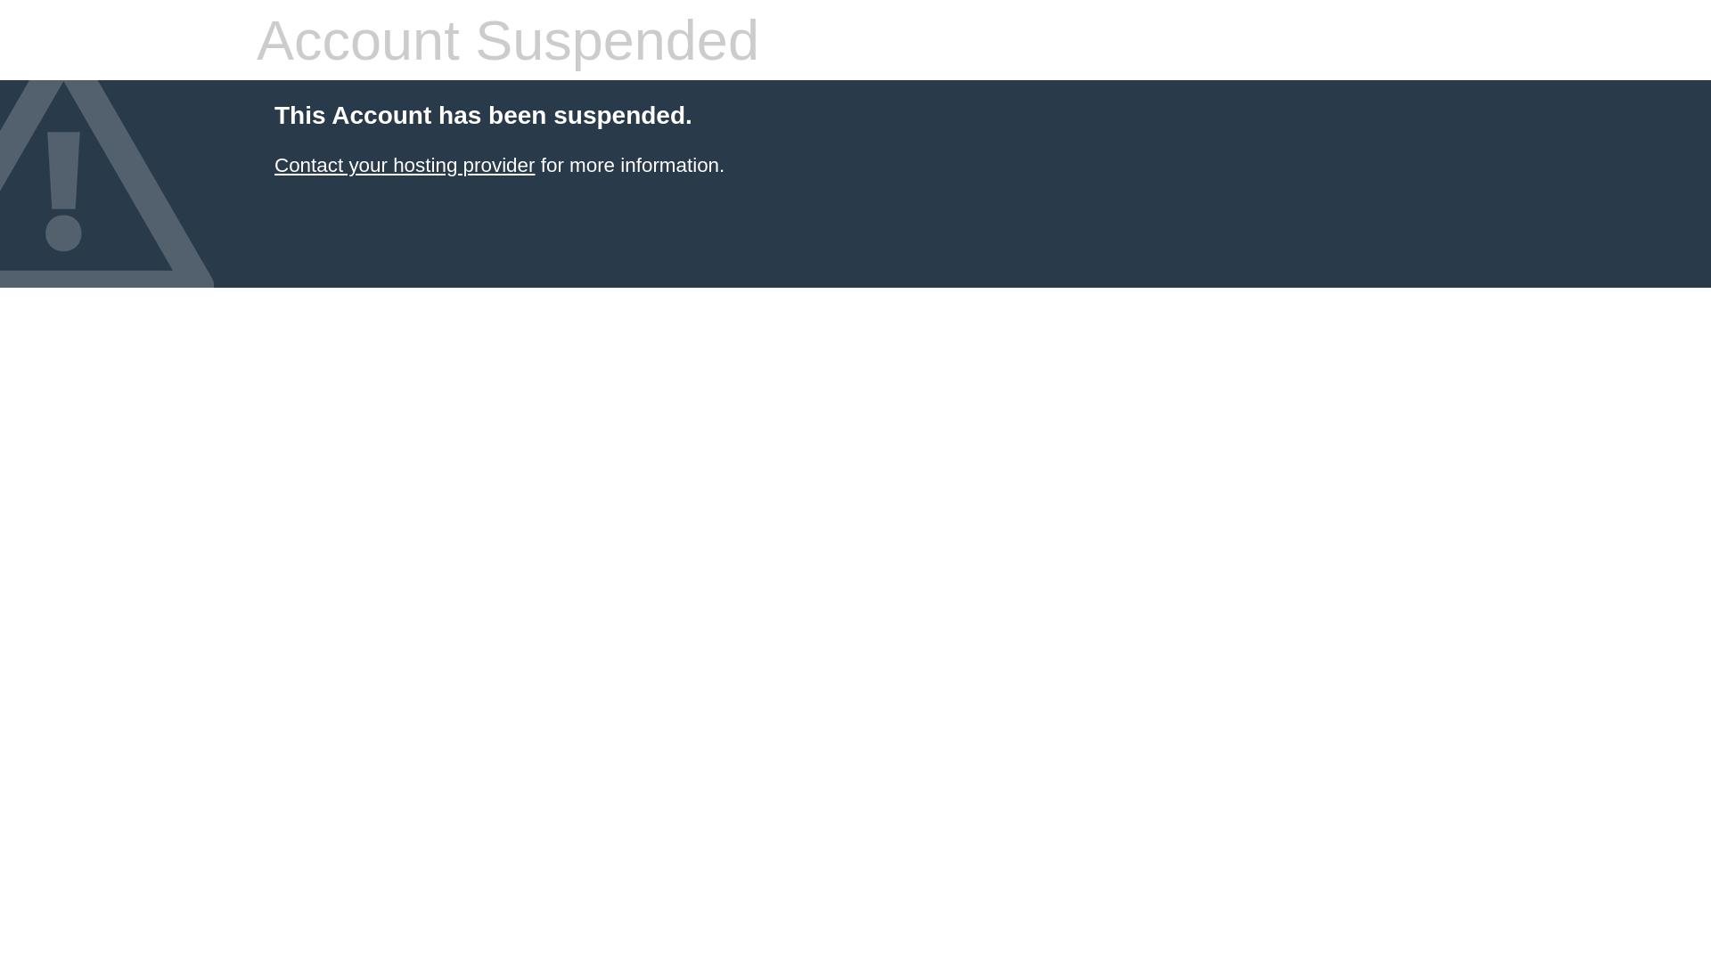 The image size is (1711, 962). Describe the element at coordinates (404, 165) in the screenshot. I see `'Contact your hosting provider'` at that location.